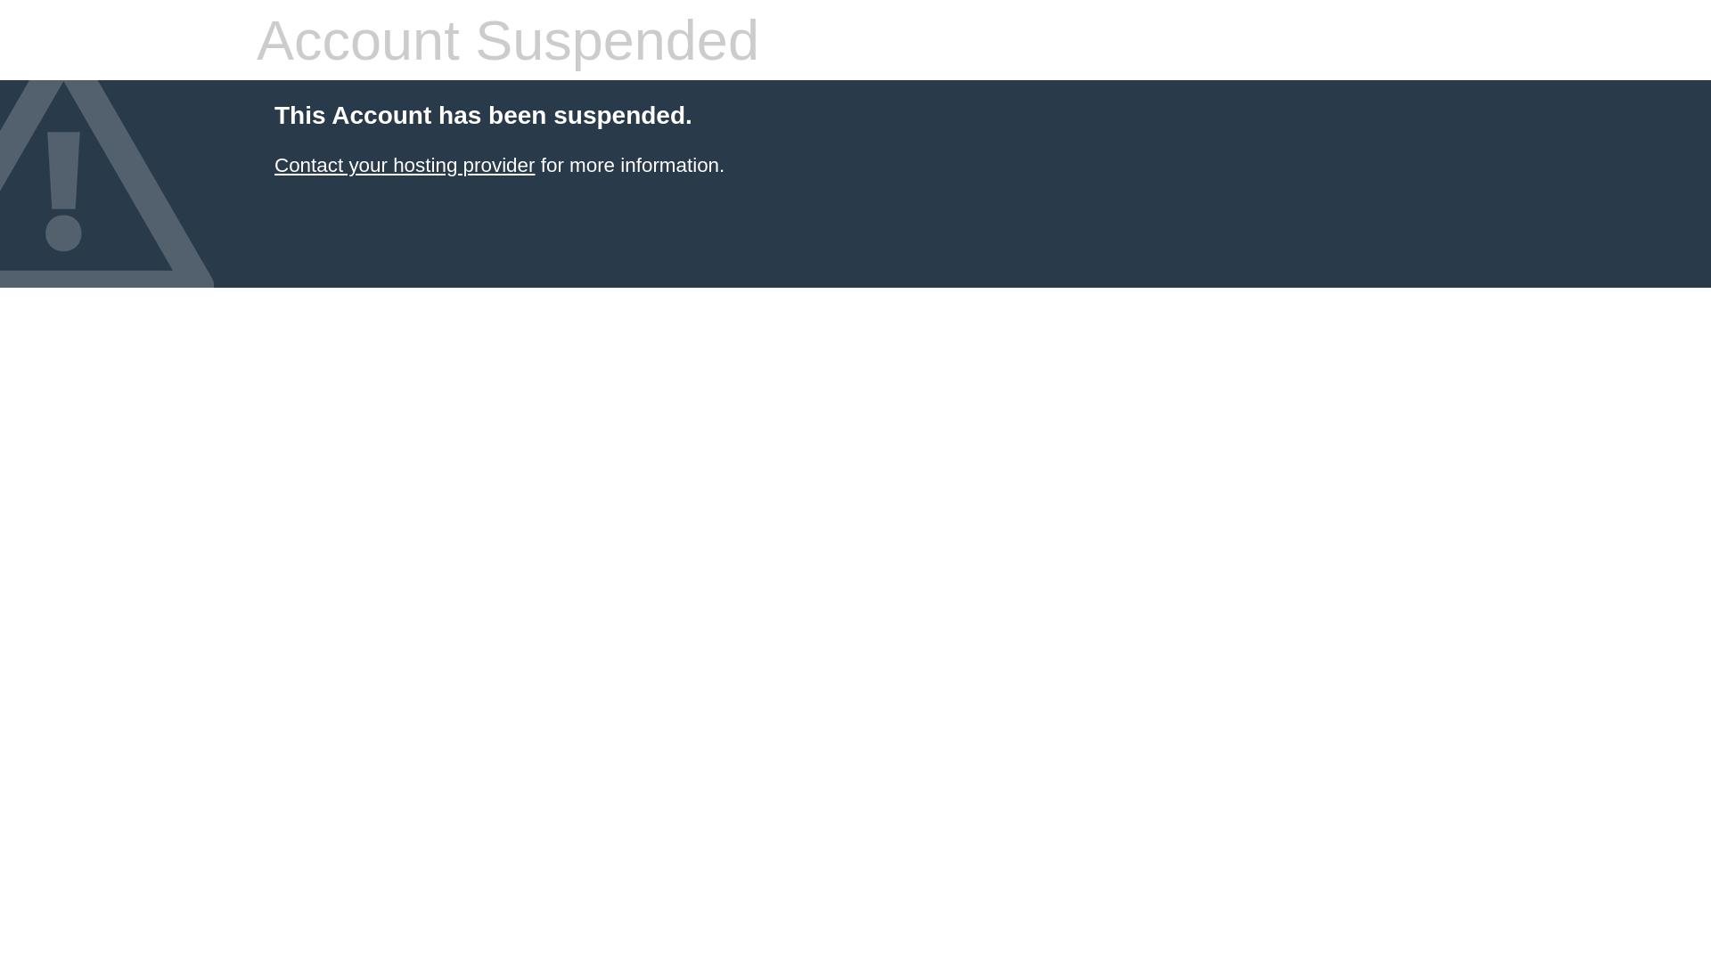 The image size is (1711, 962). Describe the element at coordinates (404, 165) in the screenshot. I see `'Contact your hosting provider'` at that location.